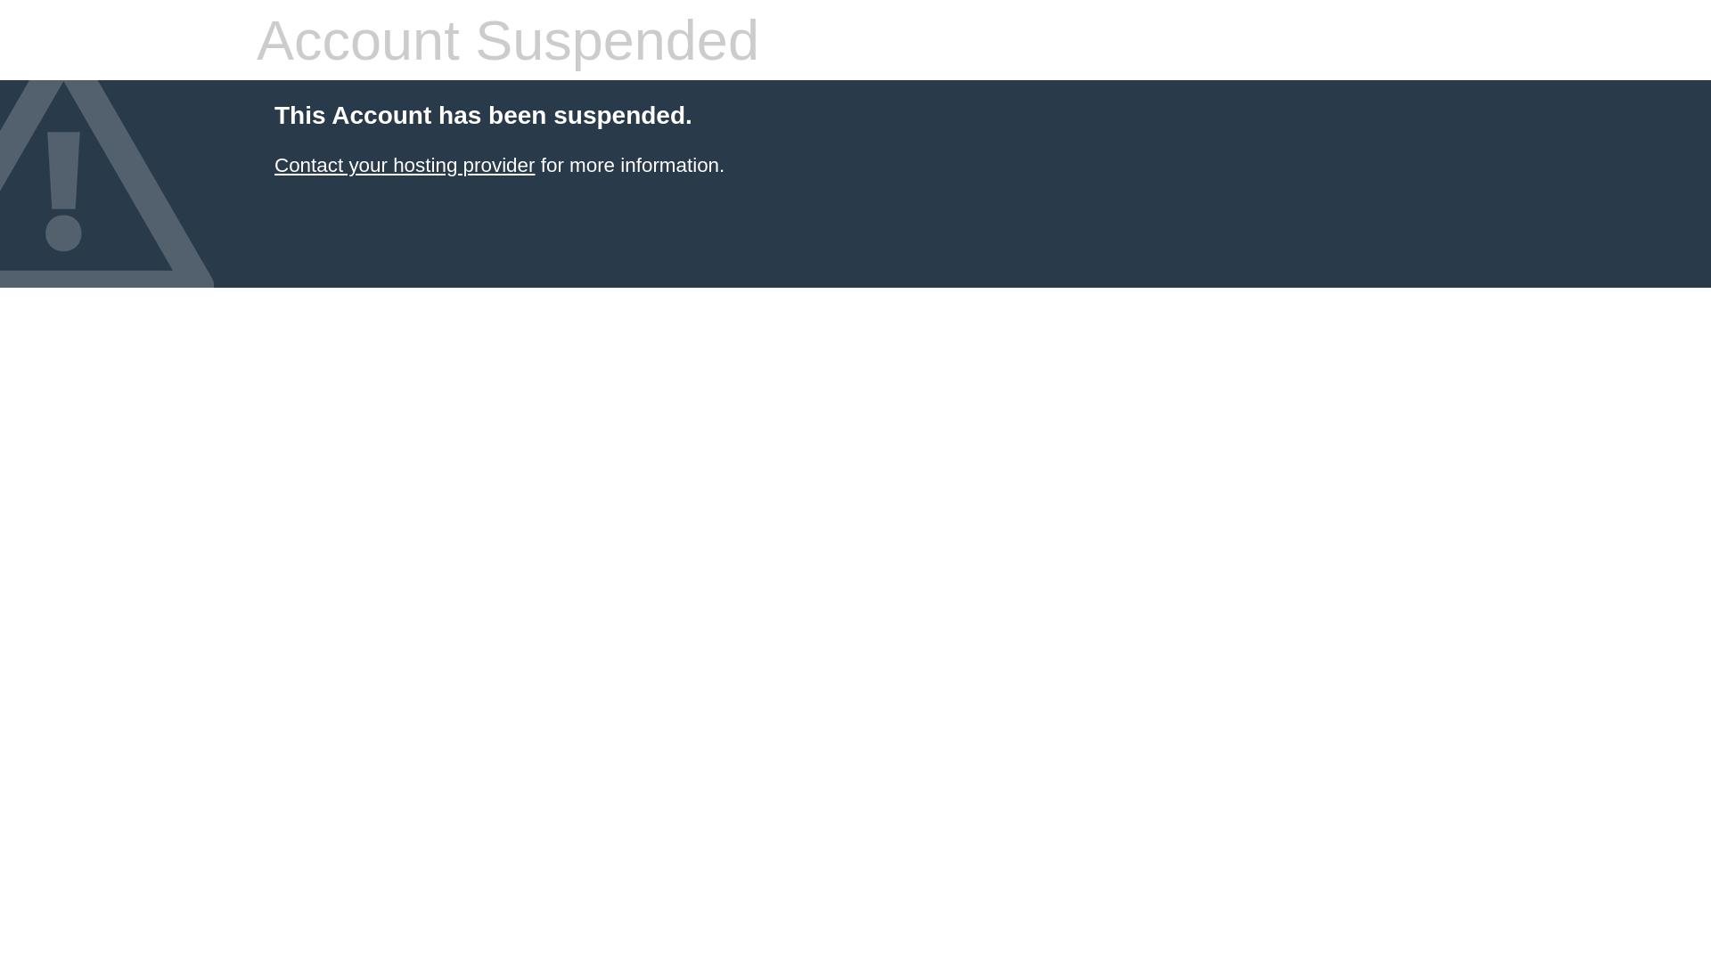 The image size is (1711, 962). Describe the element at coordinates (404, 165) in the screenshot. I see `'Contact your hosting provider'` at that location.